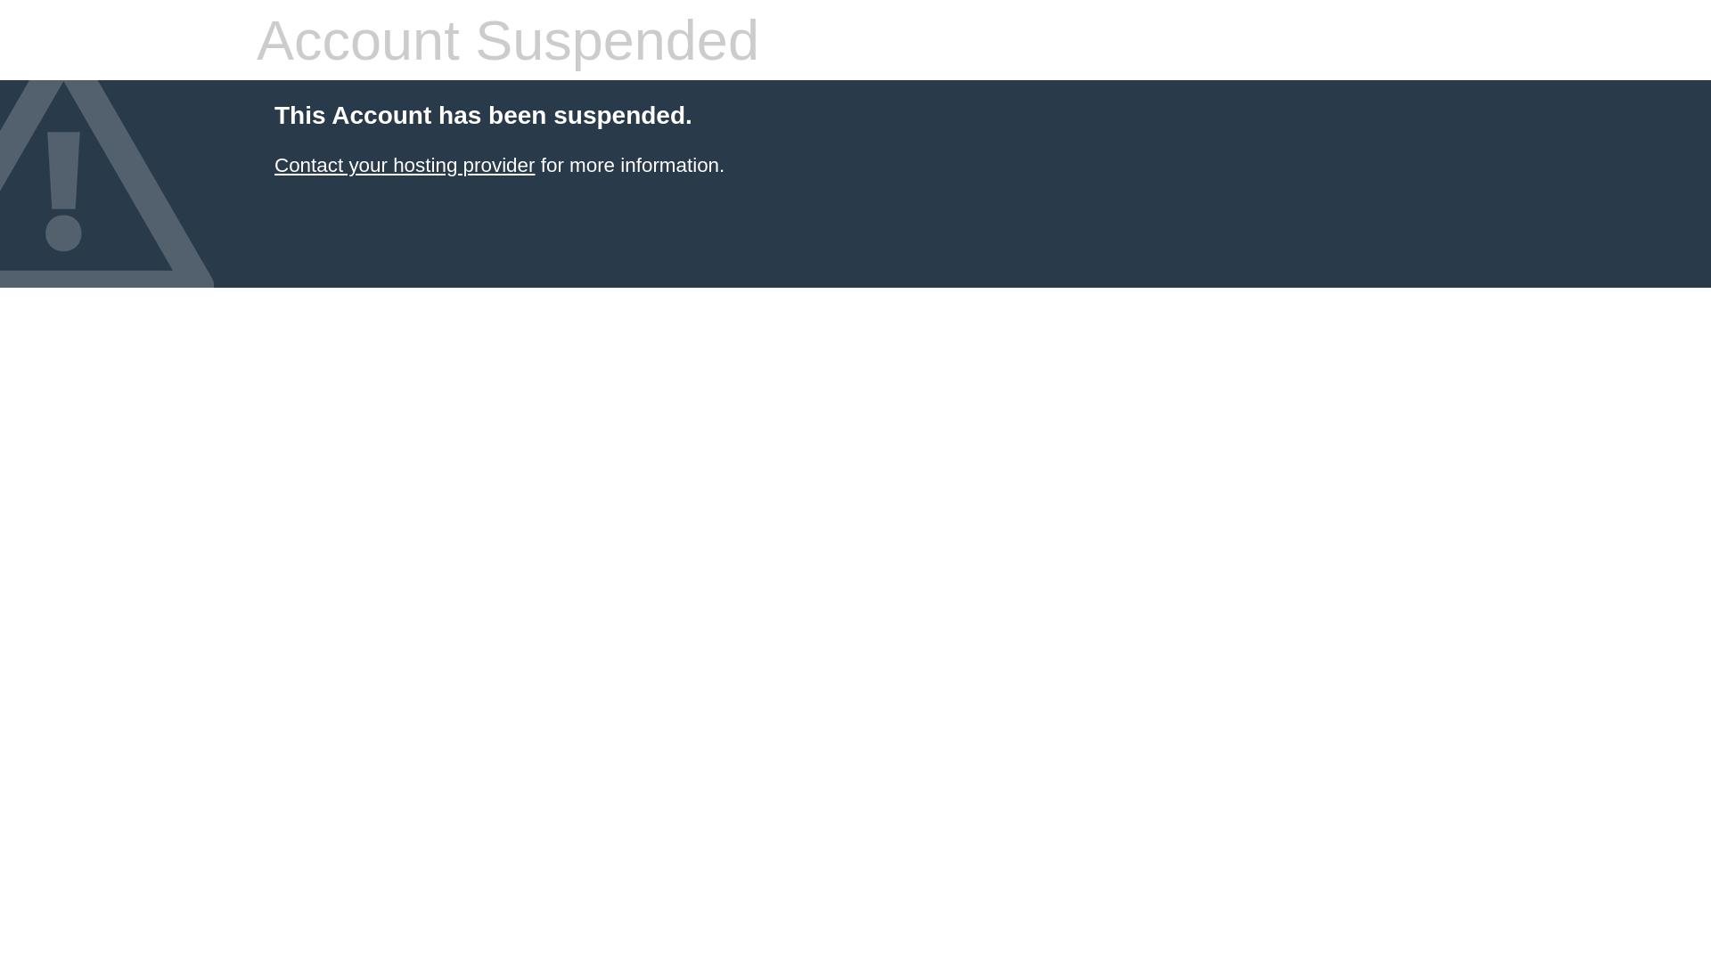 The image size is (1711, 962). Describe the element at coordinates (404, 165) in the screenshot. I see `'Contact your hosting provider'` at that location.